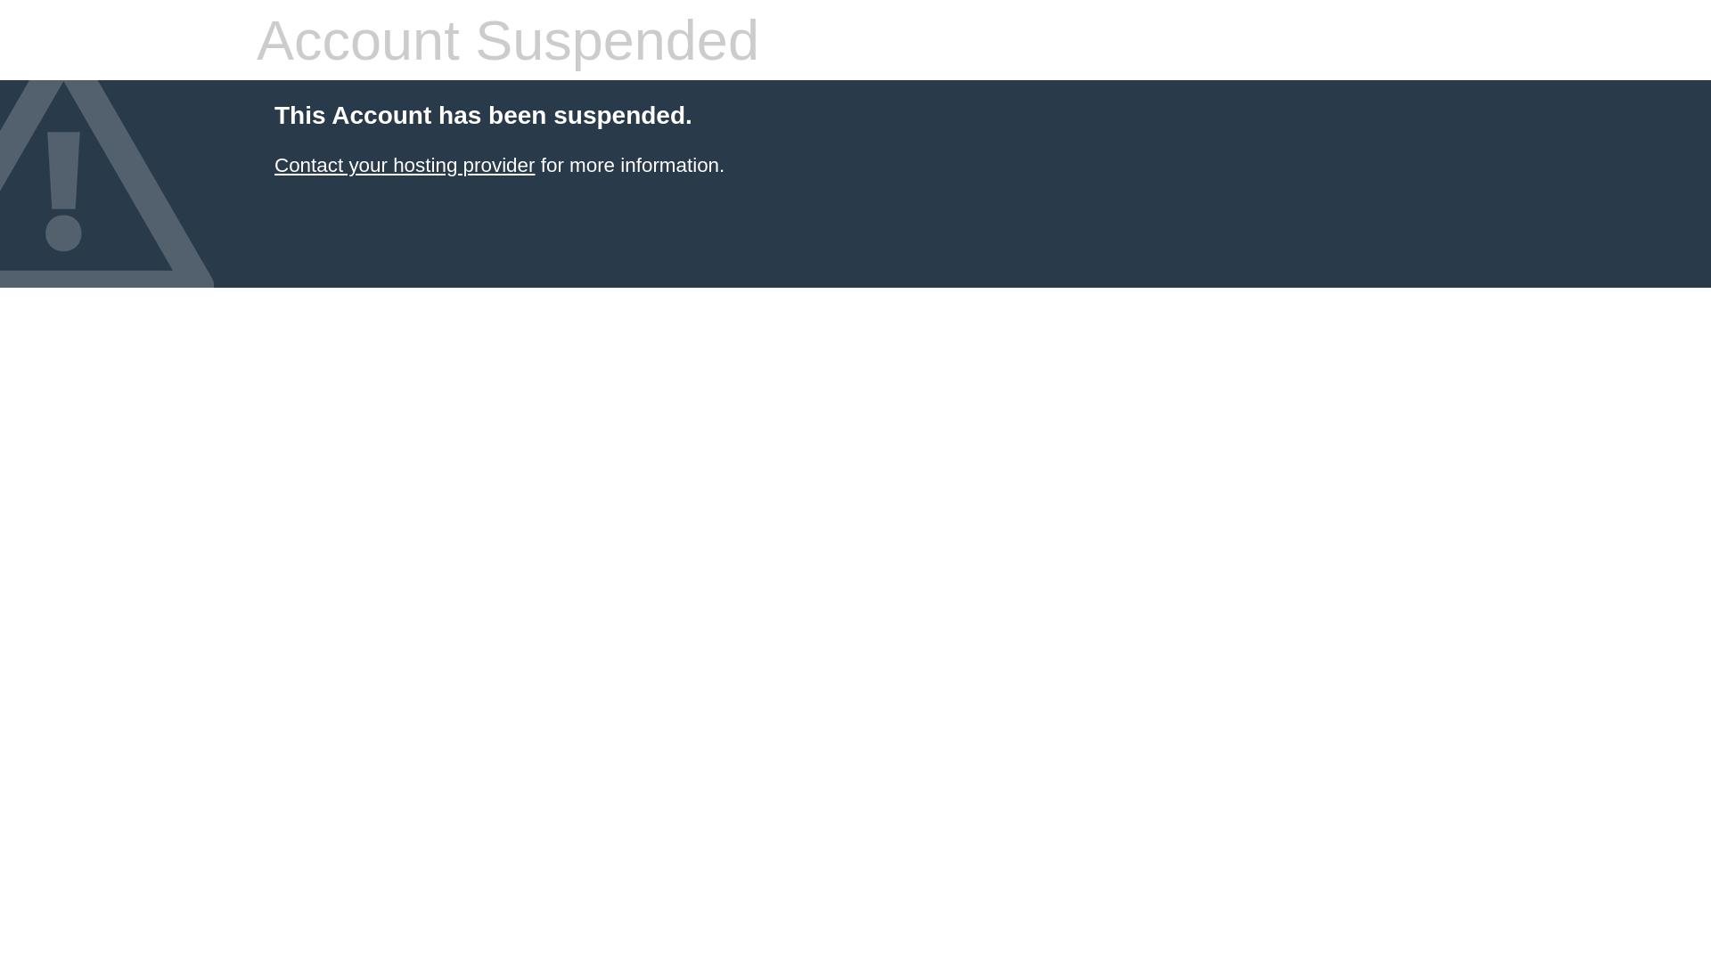 The image size is (1711, 962). Describe the element at coordinates (404, 165) in the screenshot. I see `'Contact your hosting provider'` at that location.